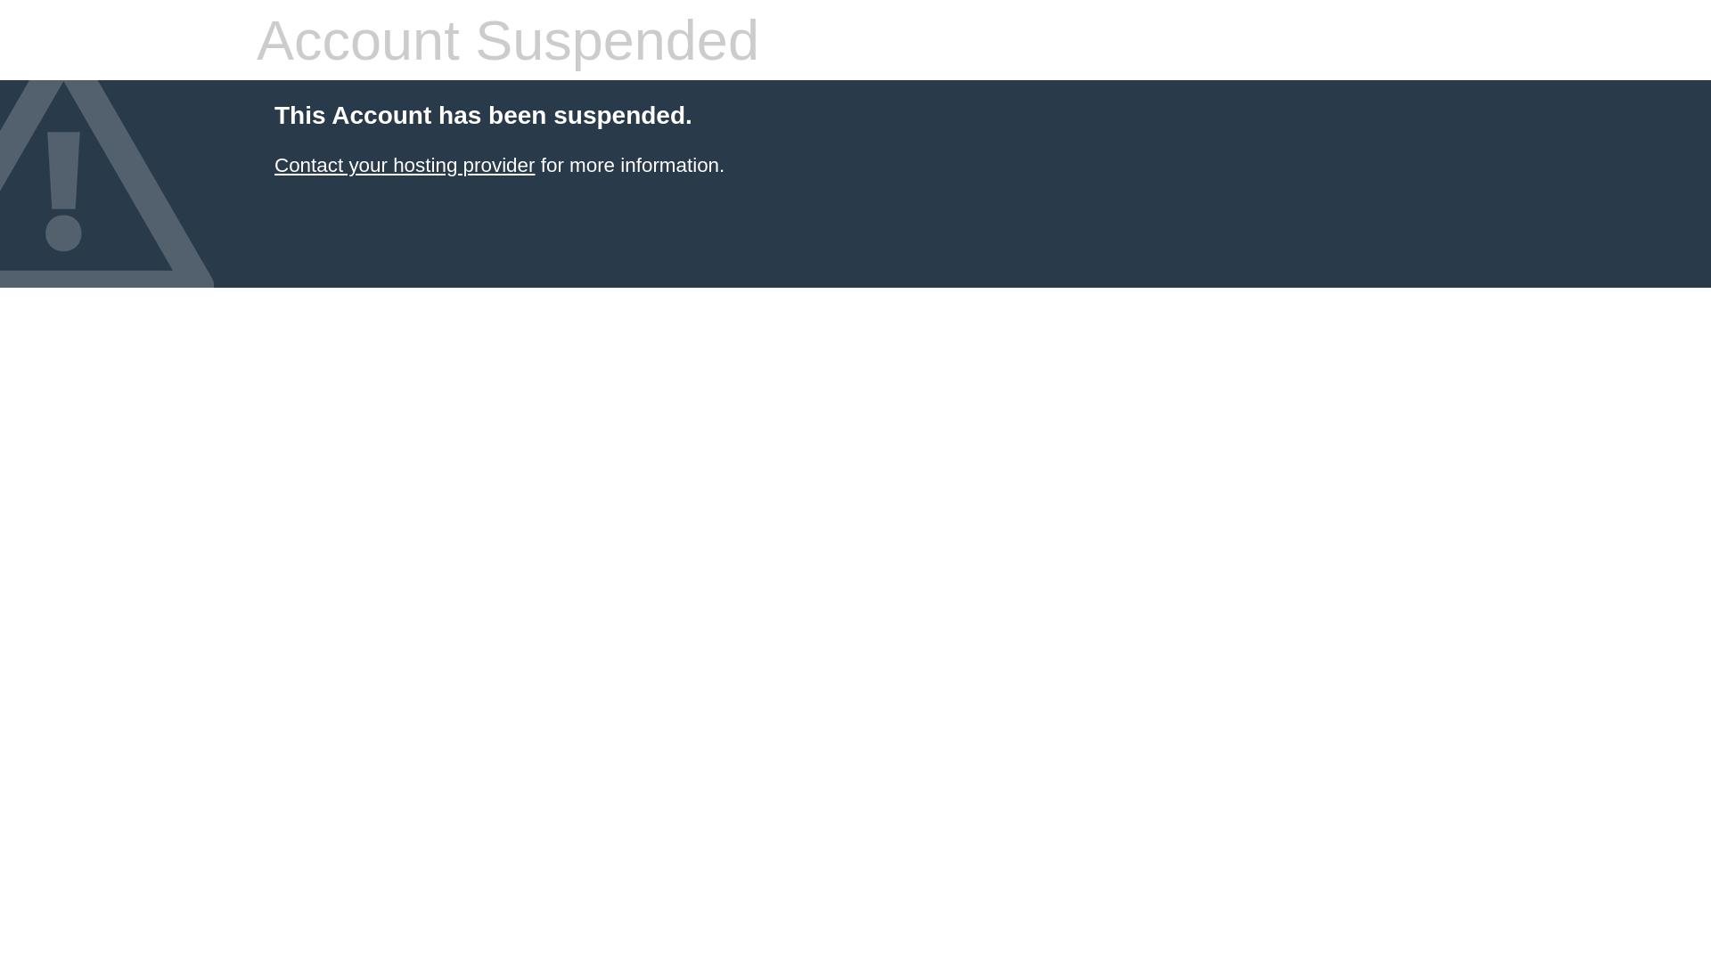 The image size is (1711, 962). Describe the element at coordinates (404, 165) in the screenshot. I see `'Contact your hosting provider'` at that location.